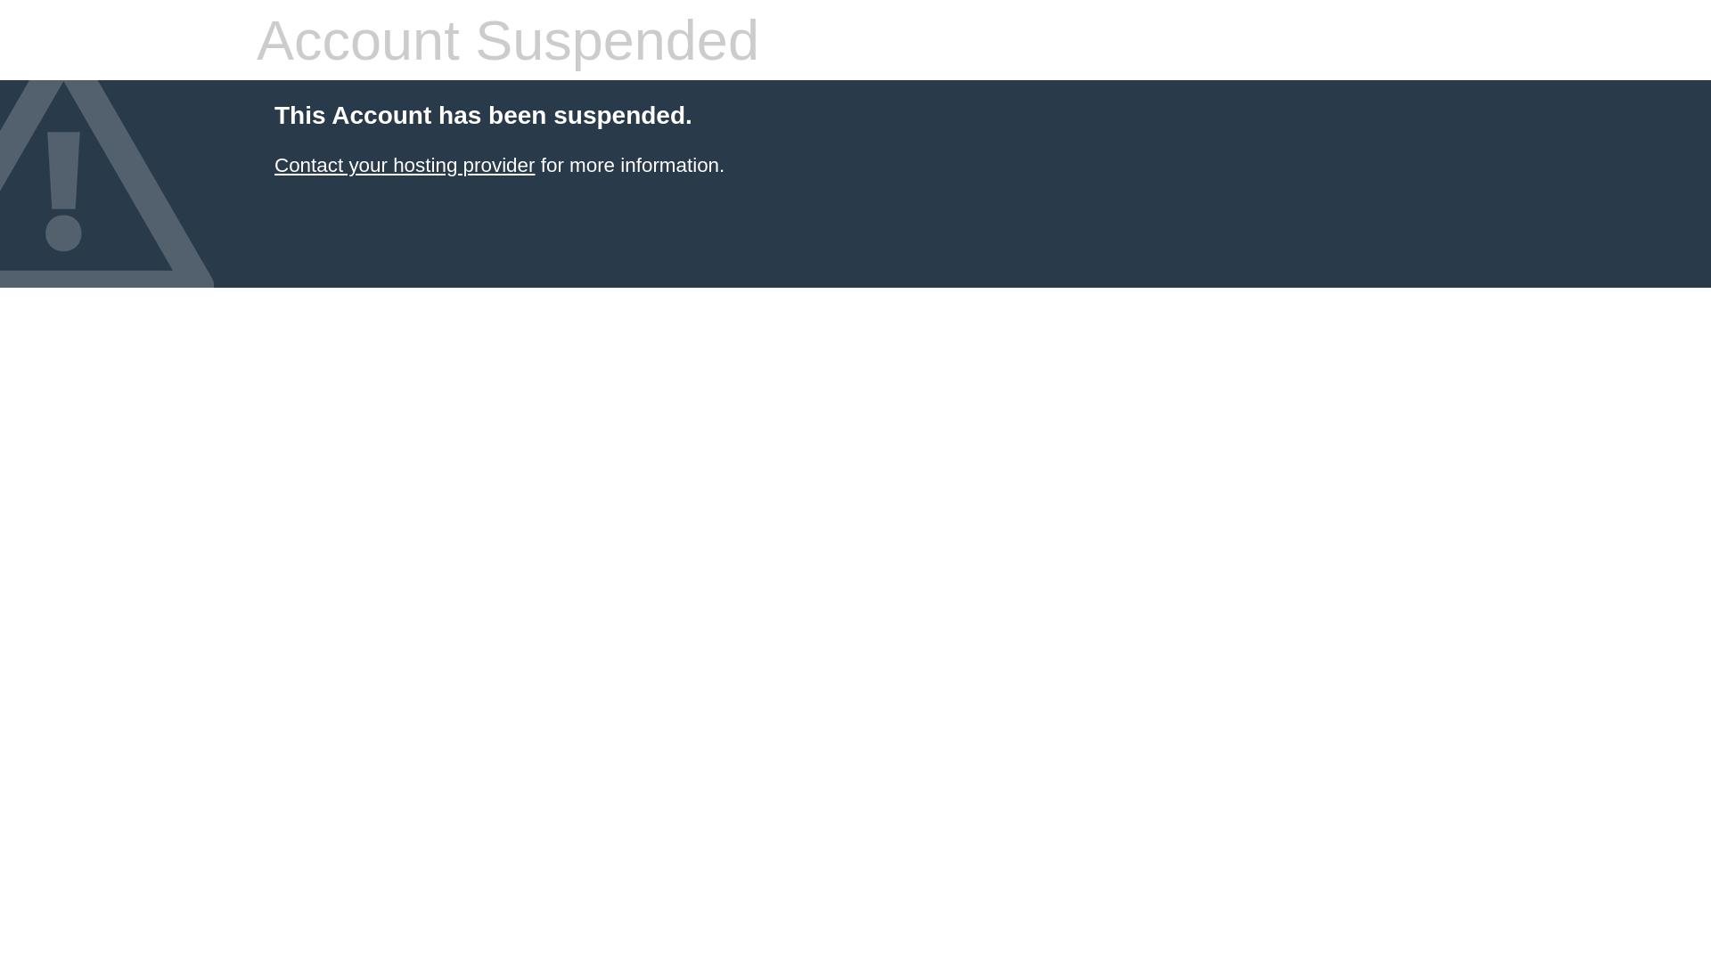 The image size is (1711, 962). Describe the element at coordinates (404, 165) in the screenshot. I see `'Contact your hosting provider'` at that location.